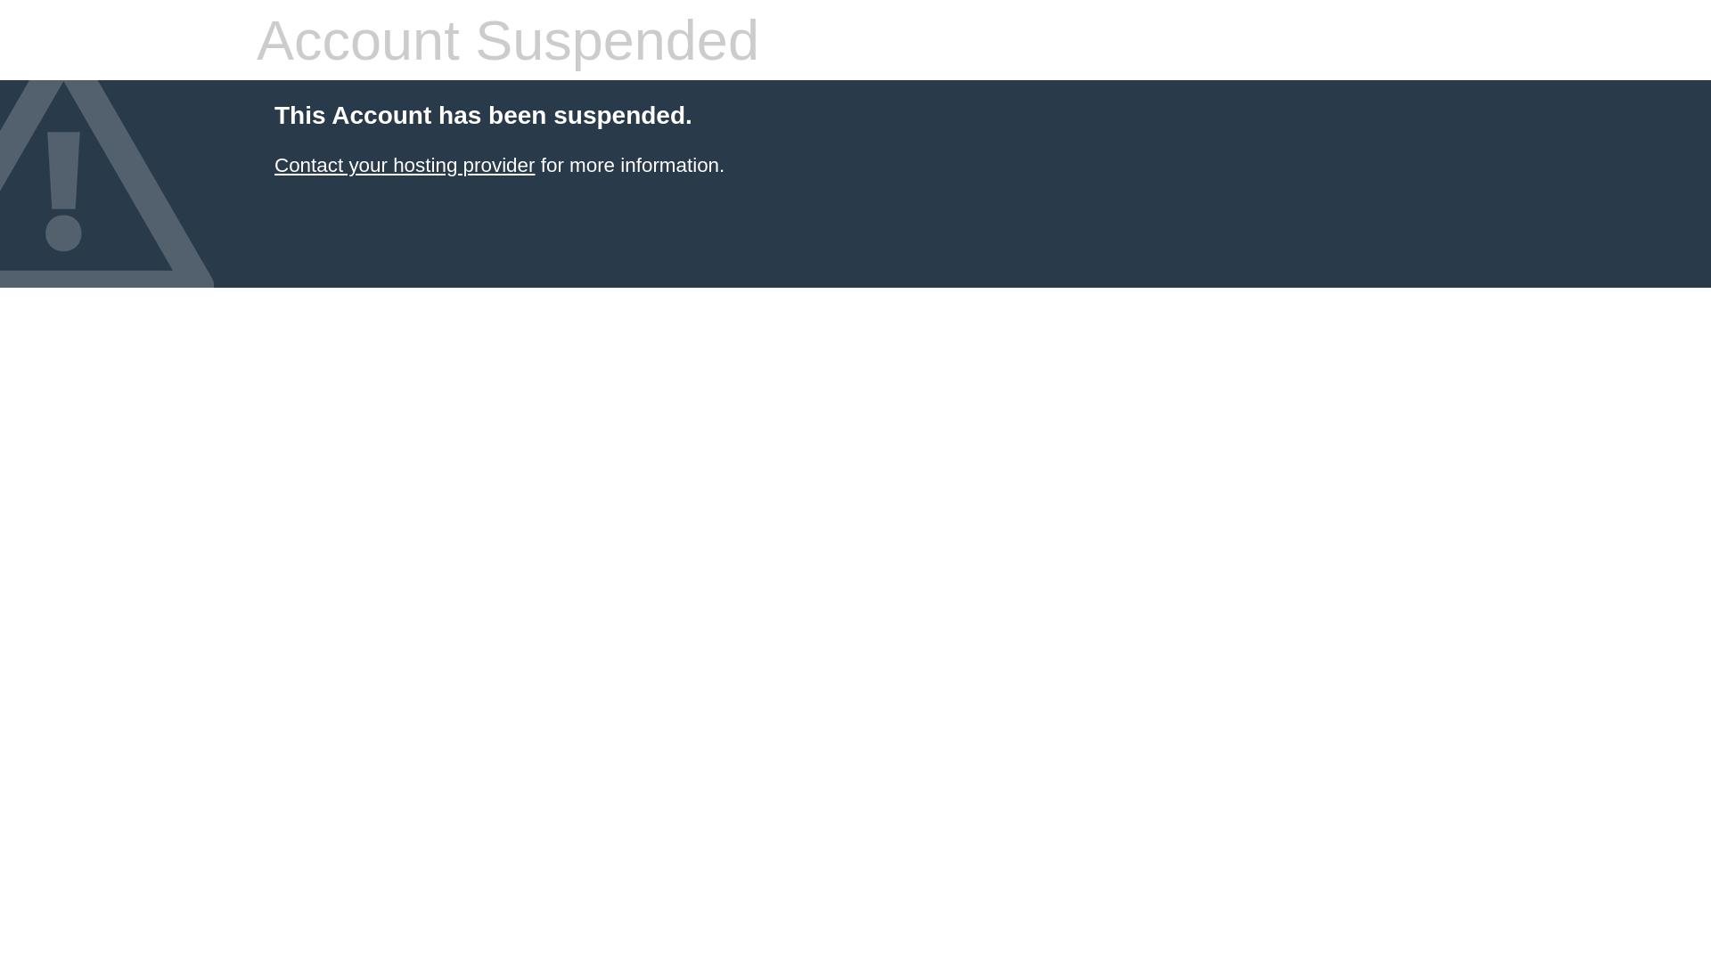 The image size is (1711, 962). Describe the element at coordinates (404, 165) in the screenshot. I see `'Contact your hosting provider'` at that location.